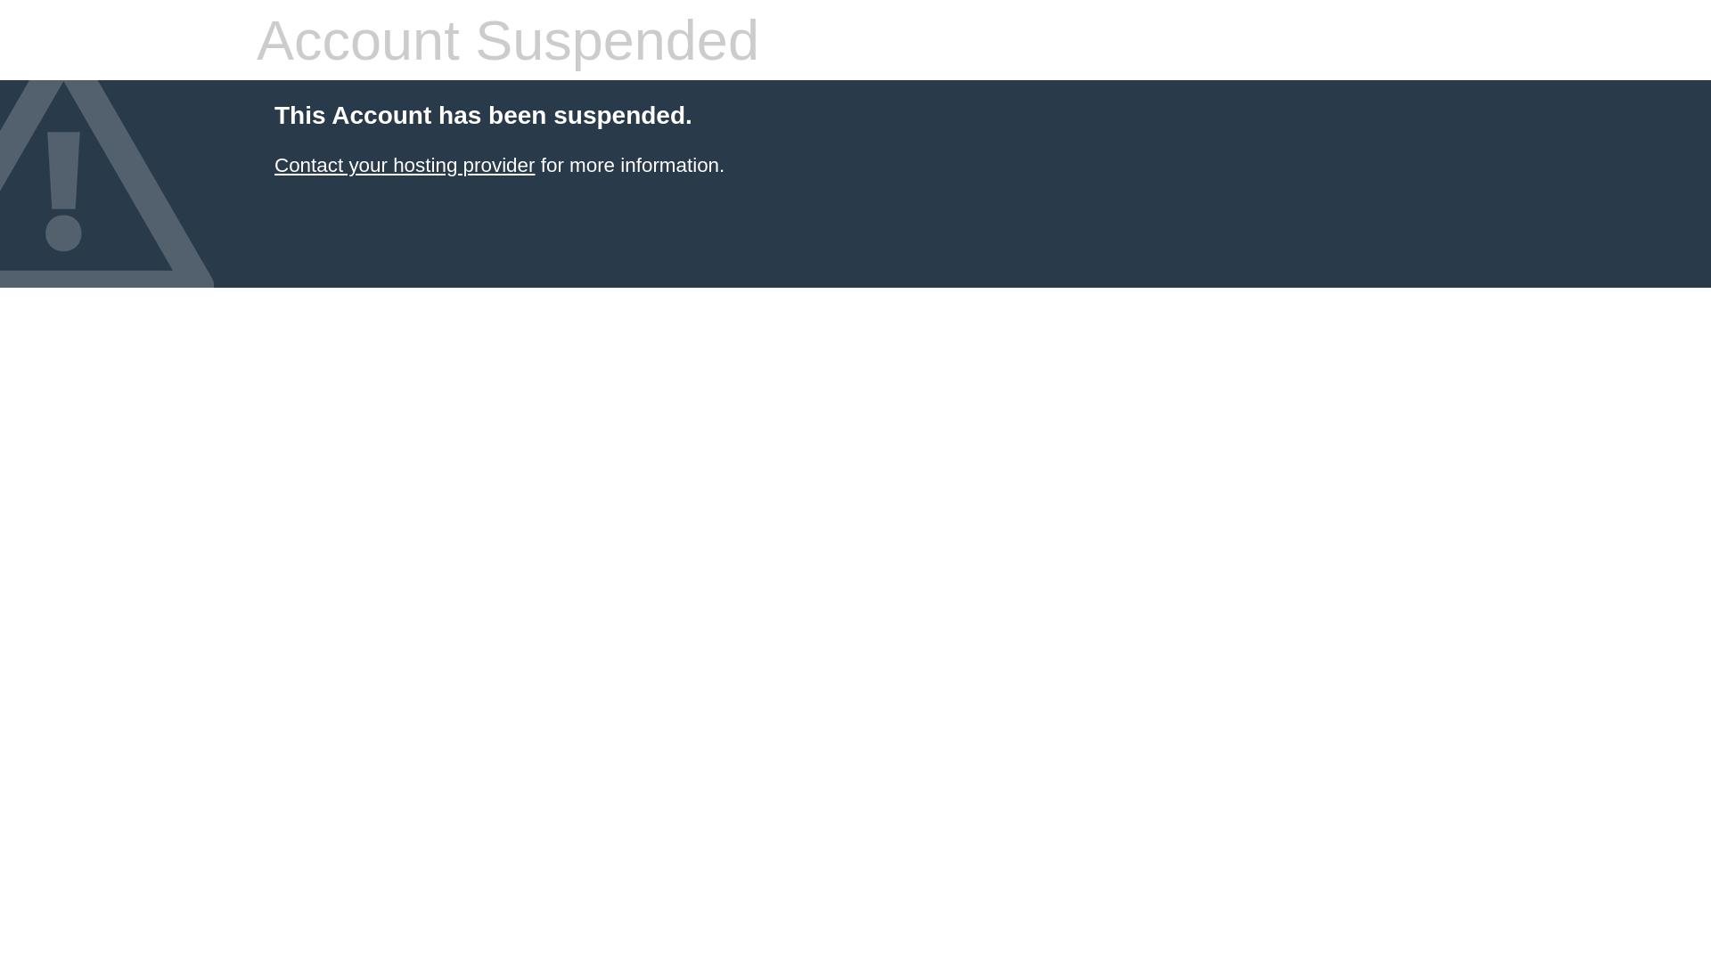 The image size is (1711, 962). Describe the element at coordinates (404, 165) in the screenshot. I see `'Contact your hosting provider'` at that location.